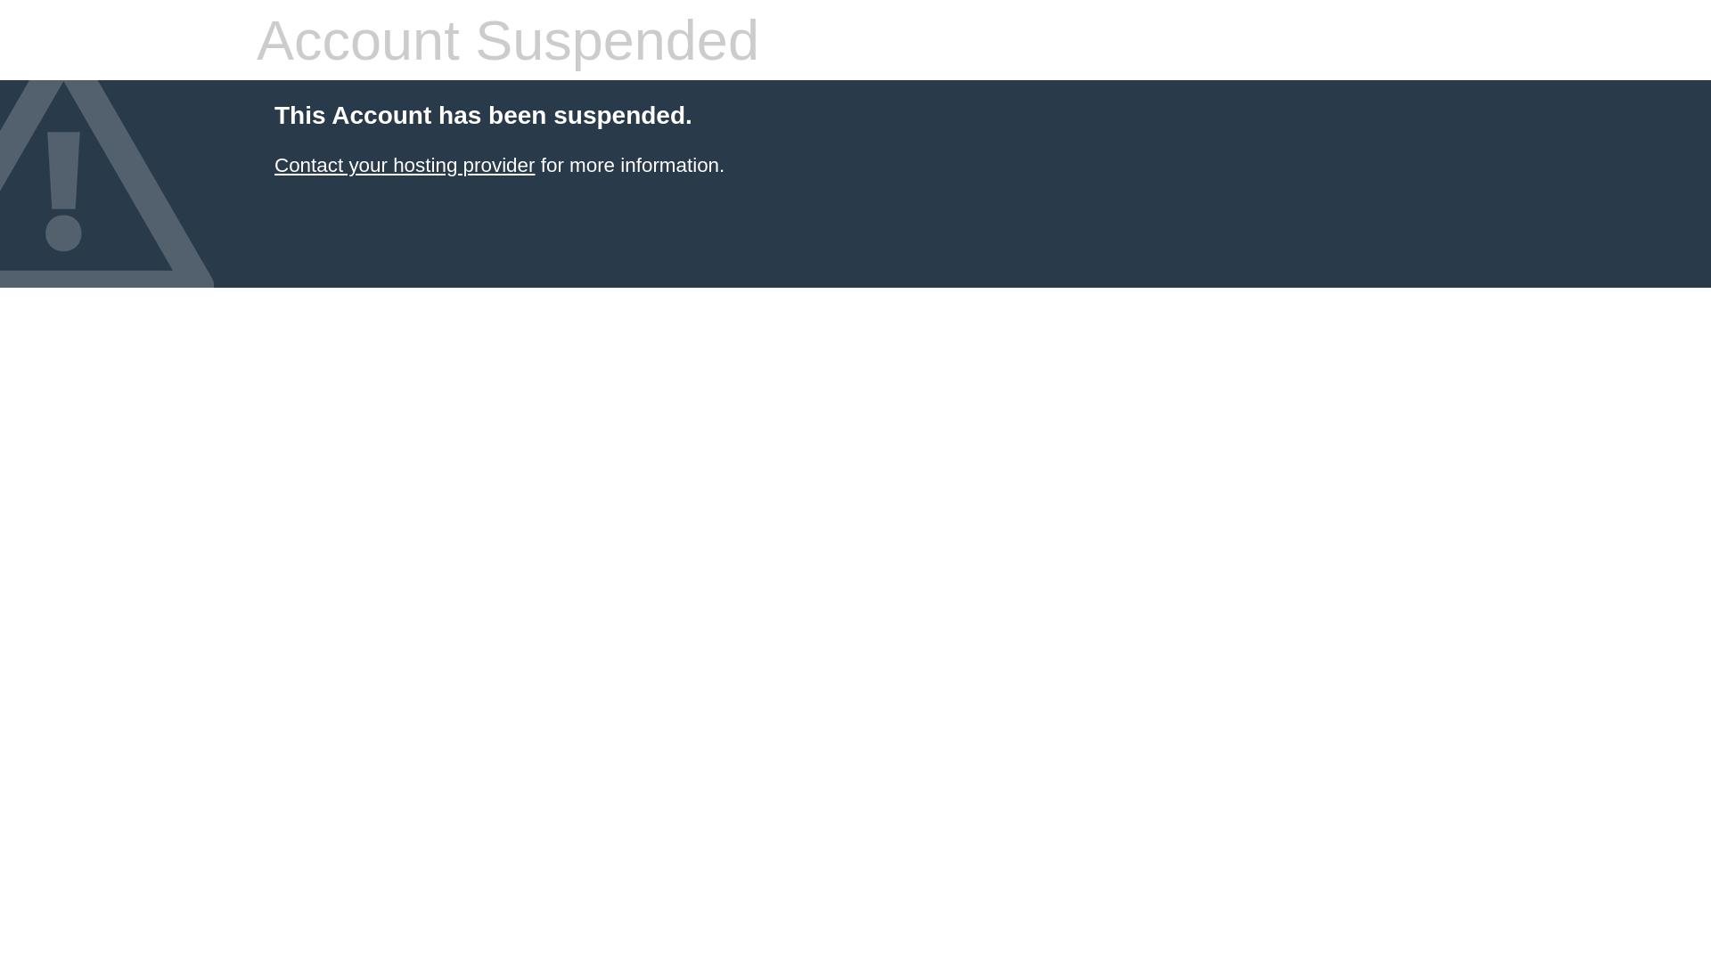 The image size is (1711, 962). Describe the element at coordinates (404, 165) in the screenshot. I see `'Contact your hosting provider'` at that location.